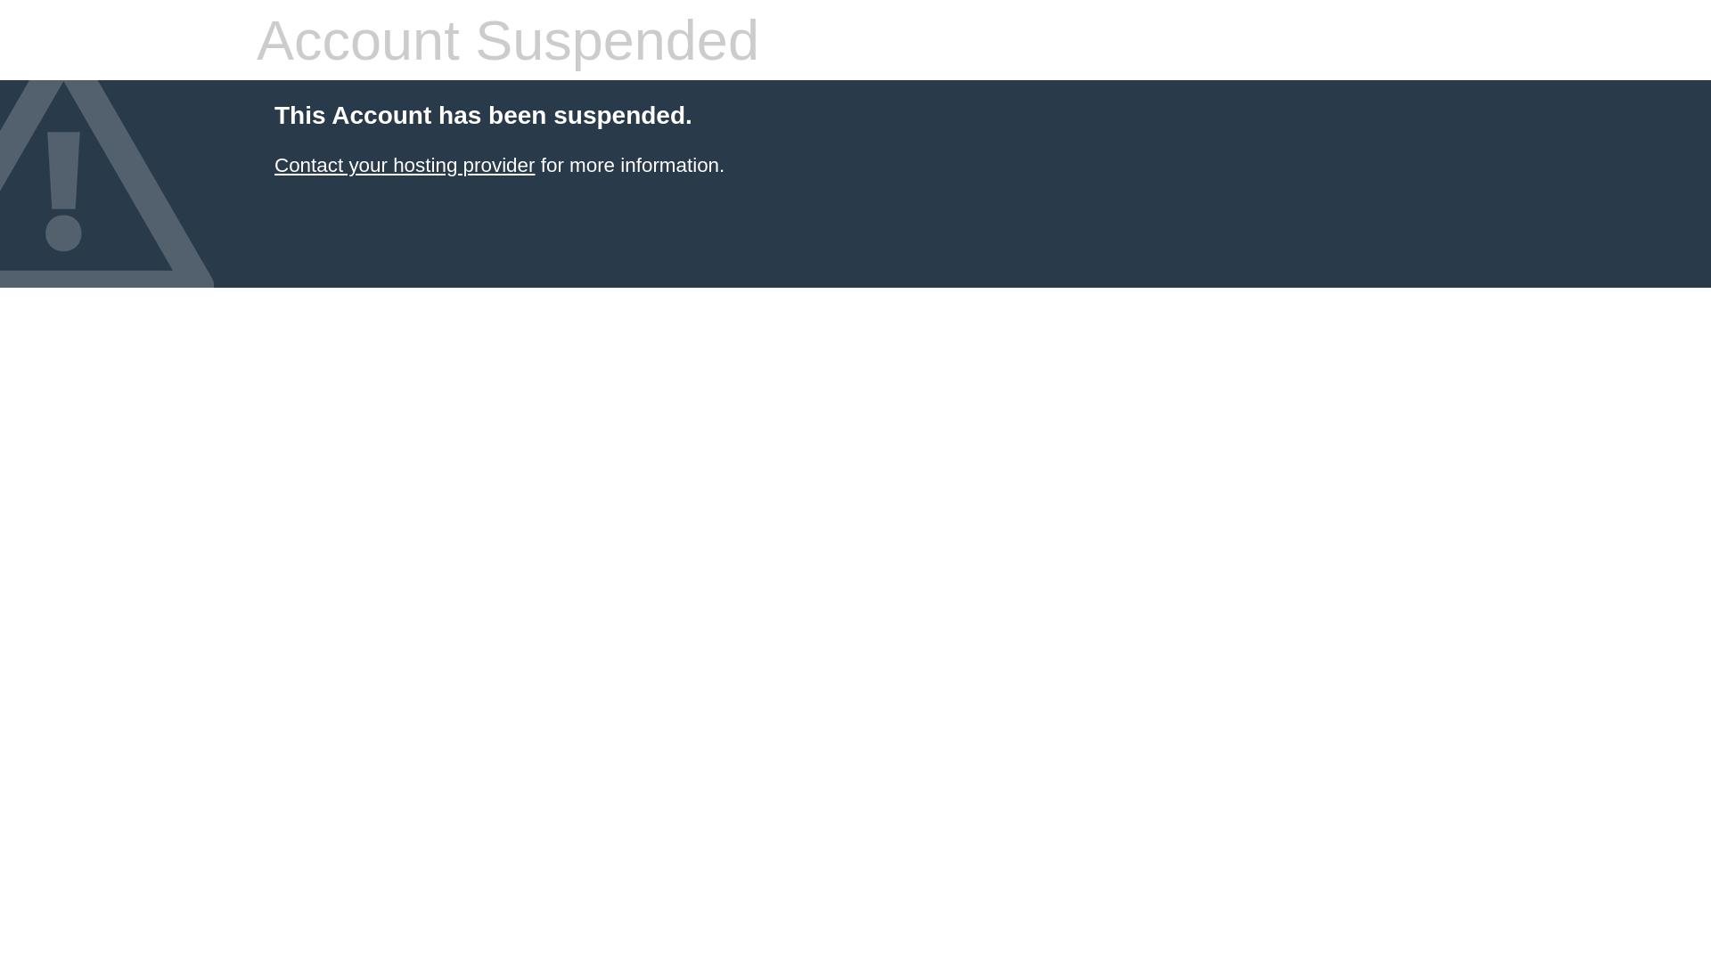 The image size is (1711, 962). Describe the element at coordinates (404, 165) in the screenshot. I see `'Contact your hosting provider'` at that location.